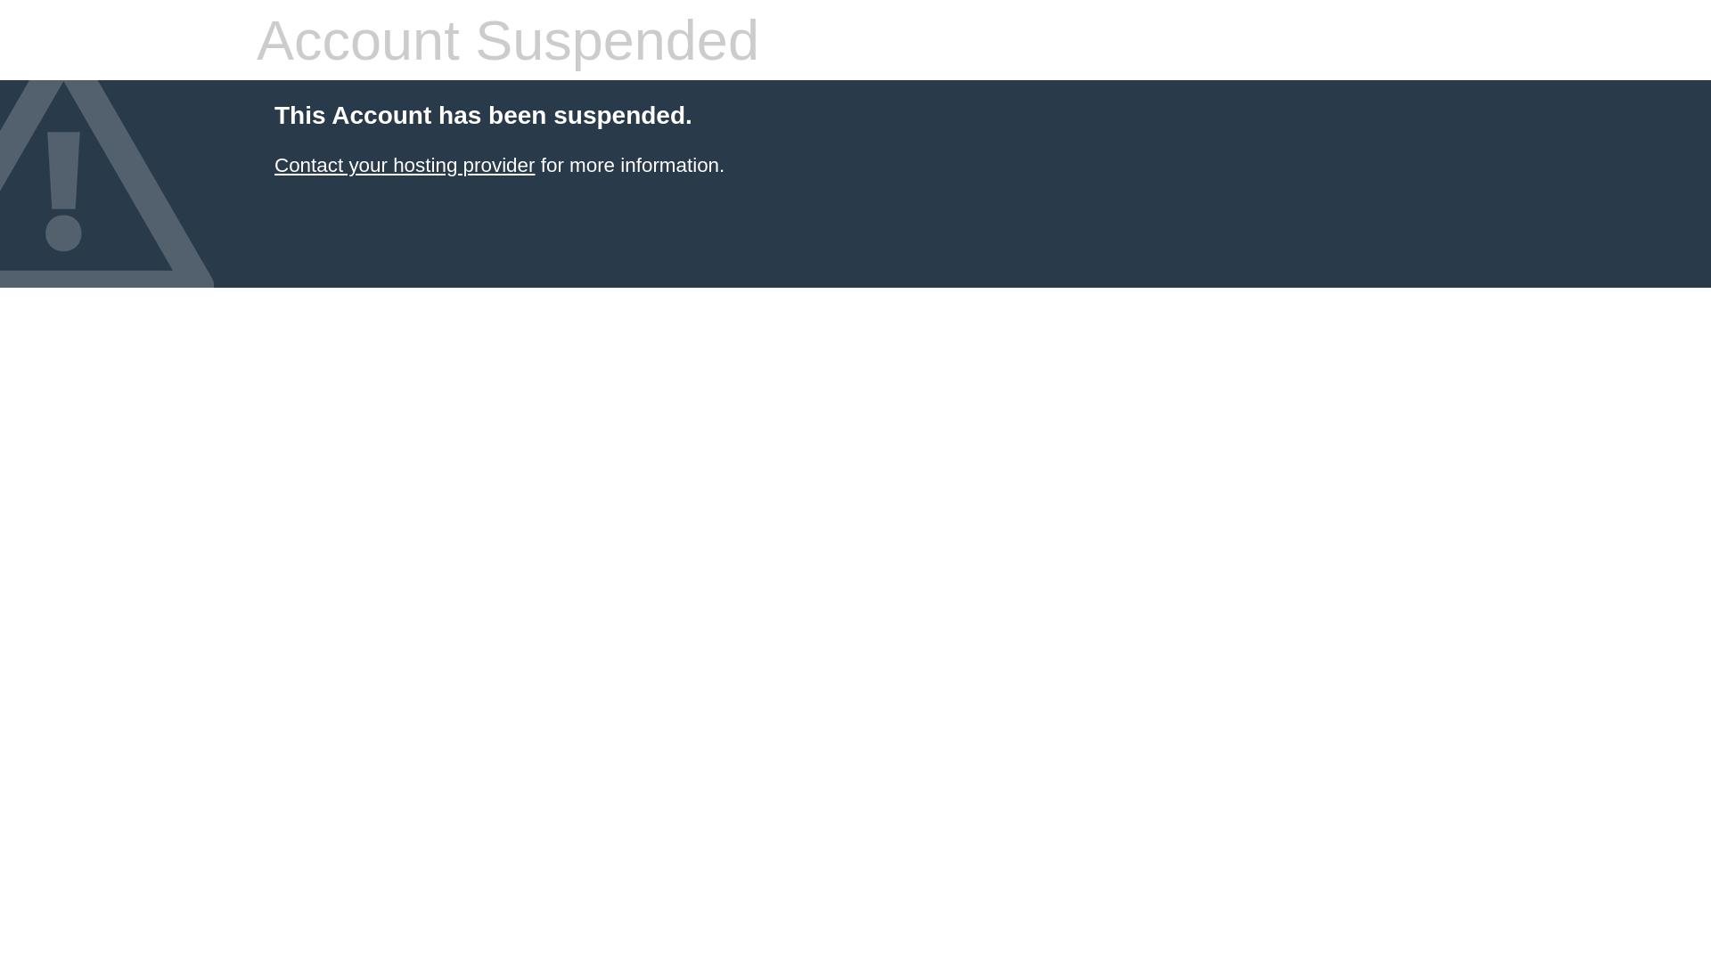 The image size is (1711, 962). Describe the element at coordinates (404, 165) in the screenshot. I see `'Contact your hosting provider'` at that location.